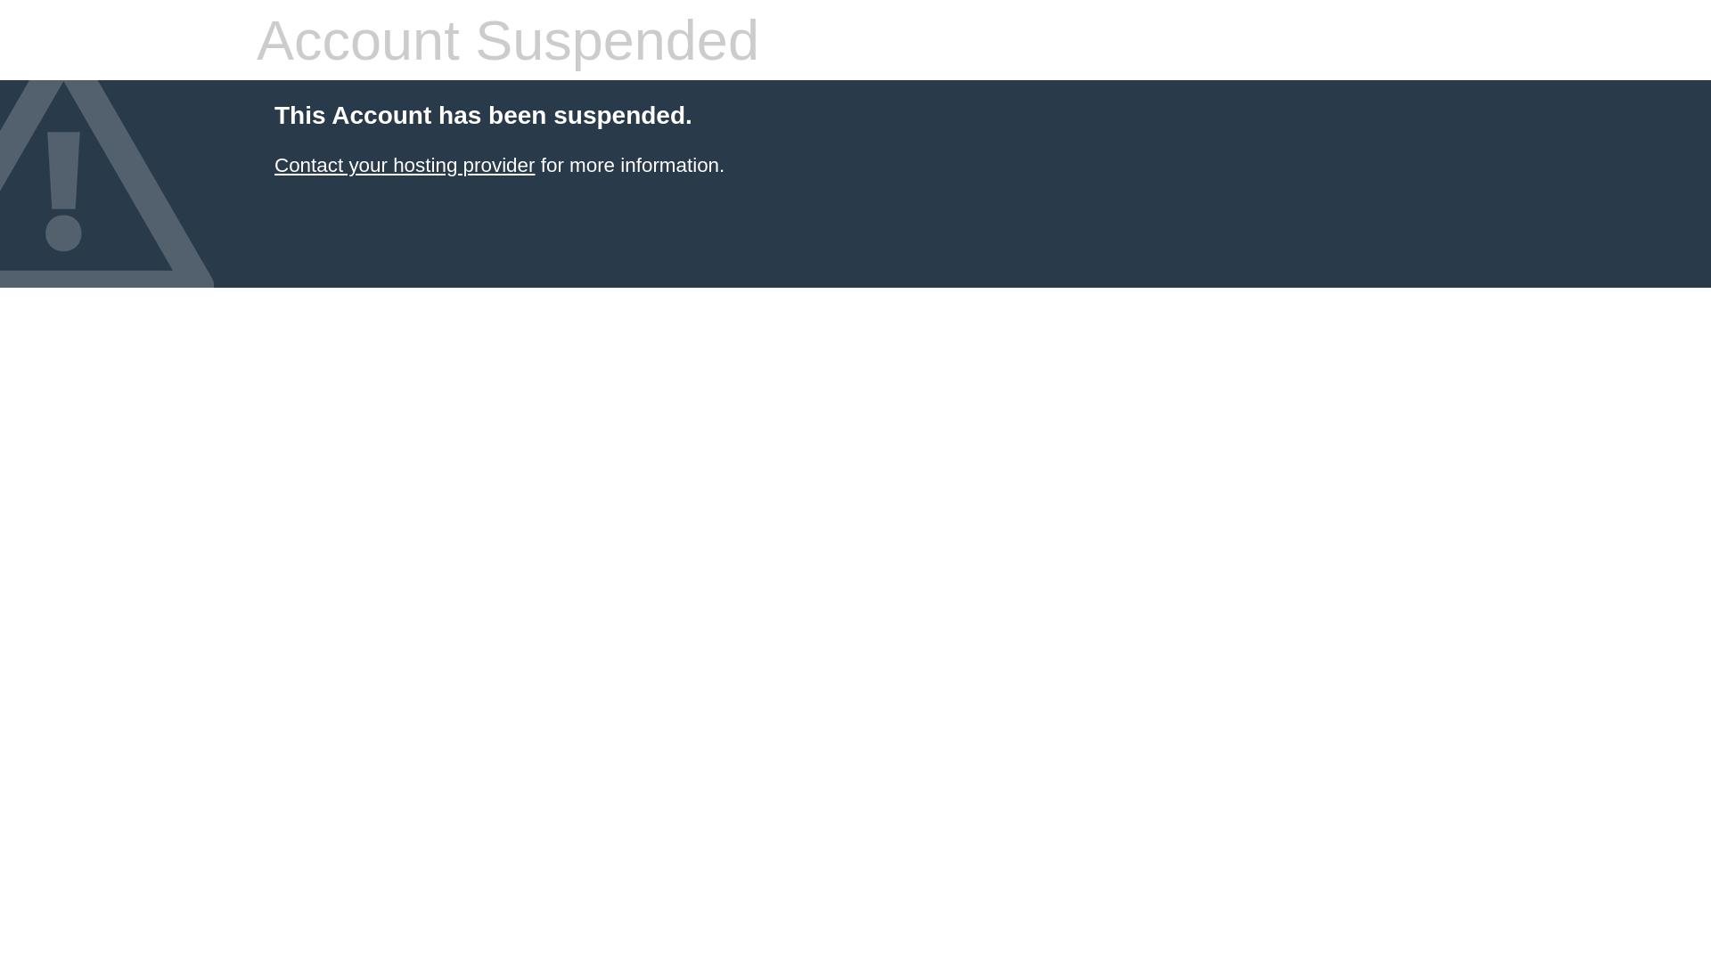 The image size is (1711, 962). Describe the element at coordinates (404, 165) in the screenshot. I see `'Contact your hosting provider'` at that location.